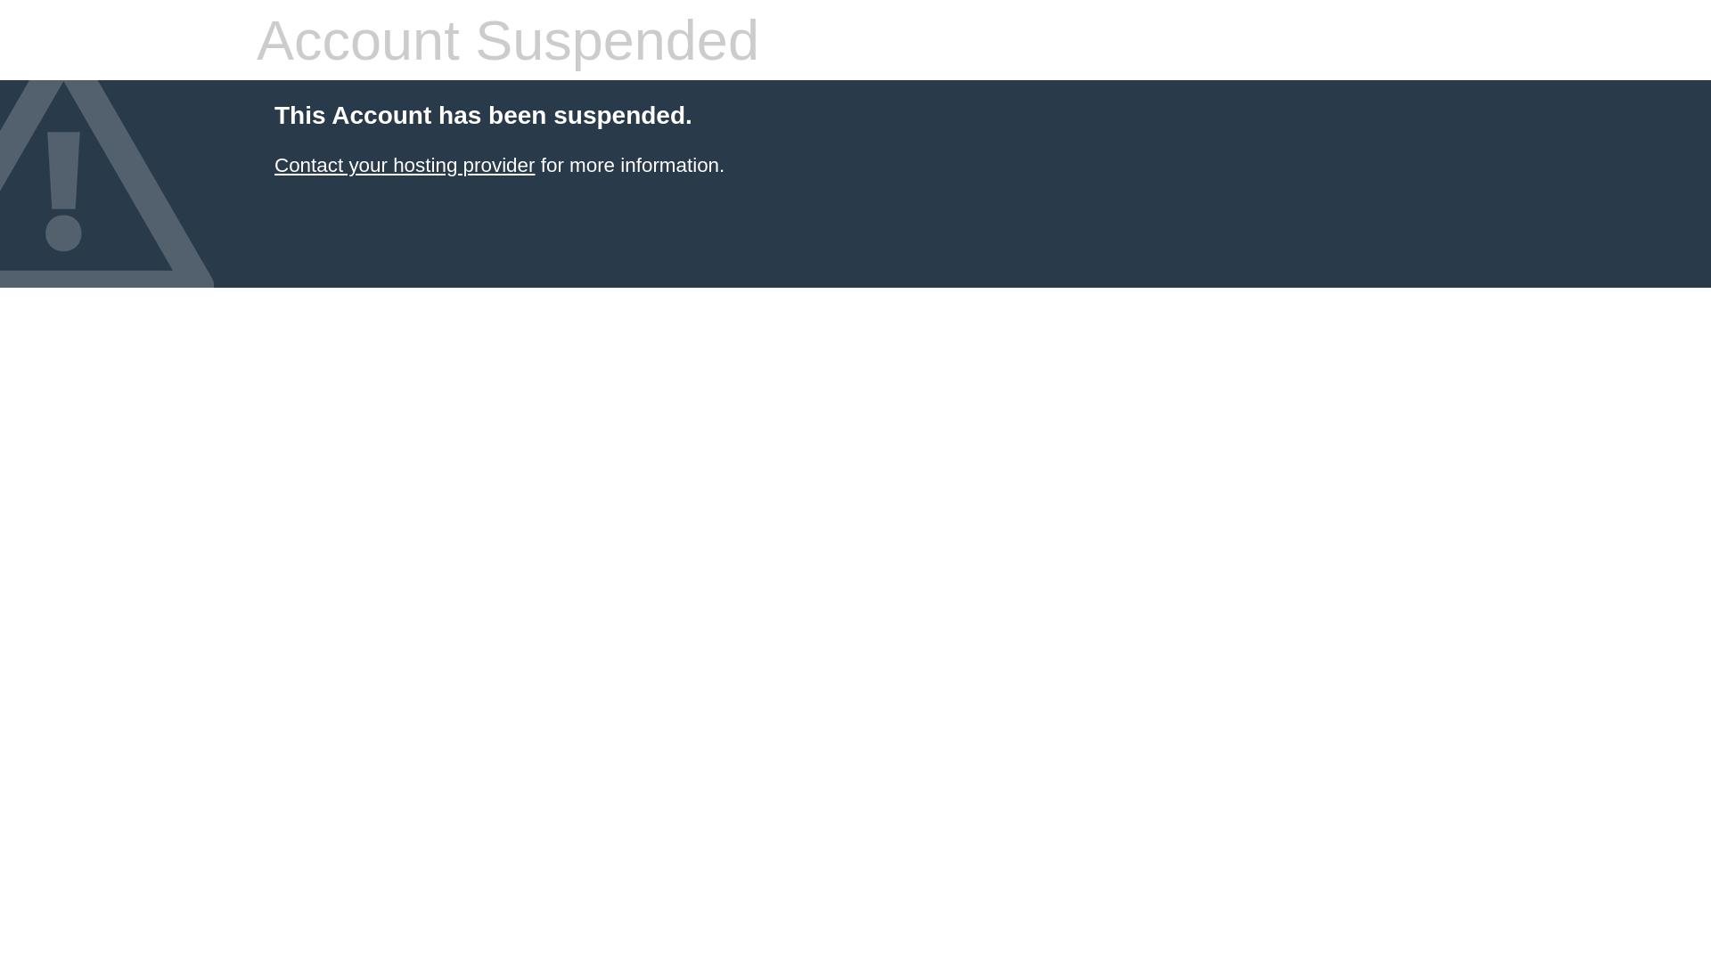 The image size is (1711, 962). Describe the element at coordinates (404, 165) in the screenshot. I see `'Contact your hosting provider'` at that location.